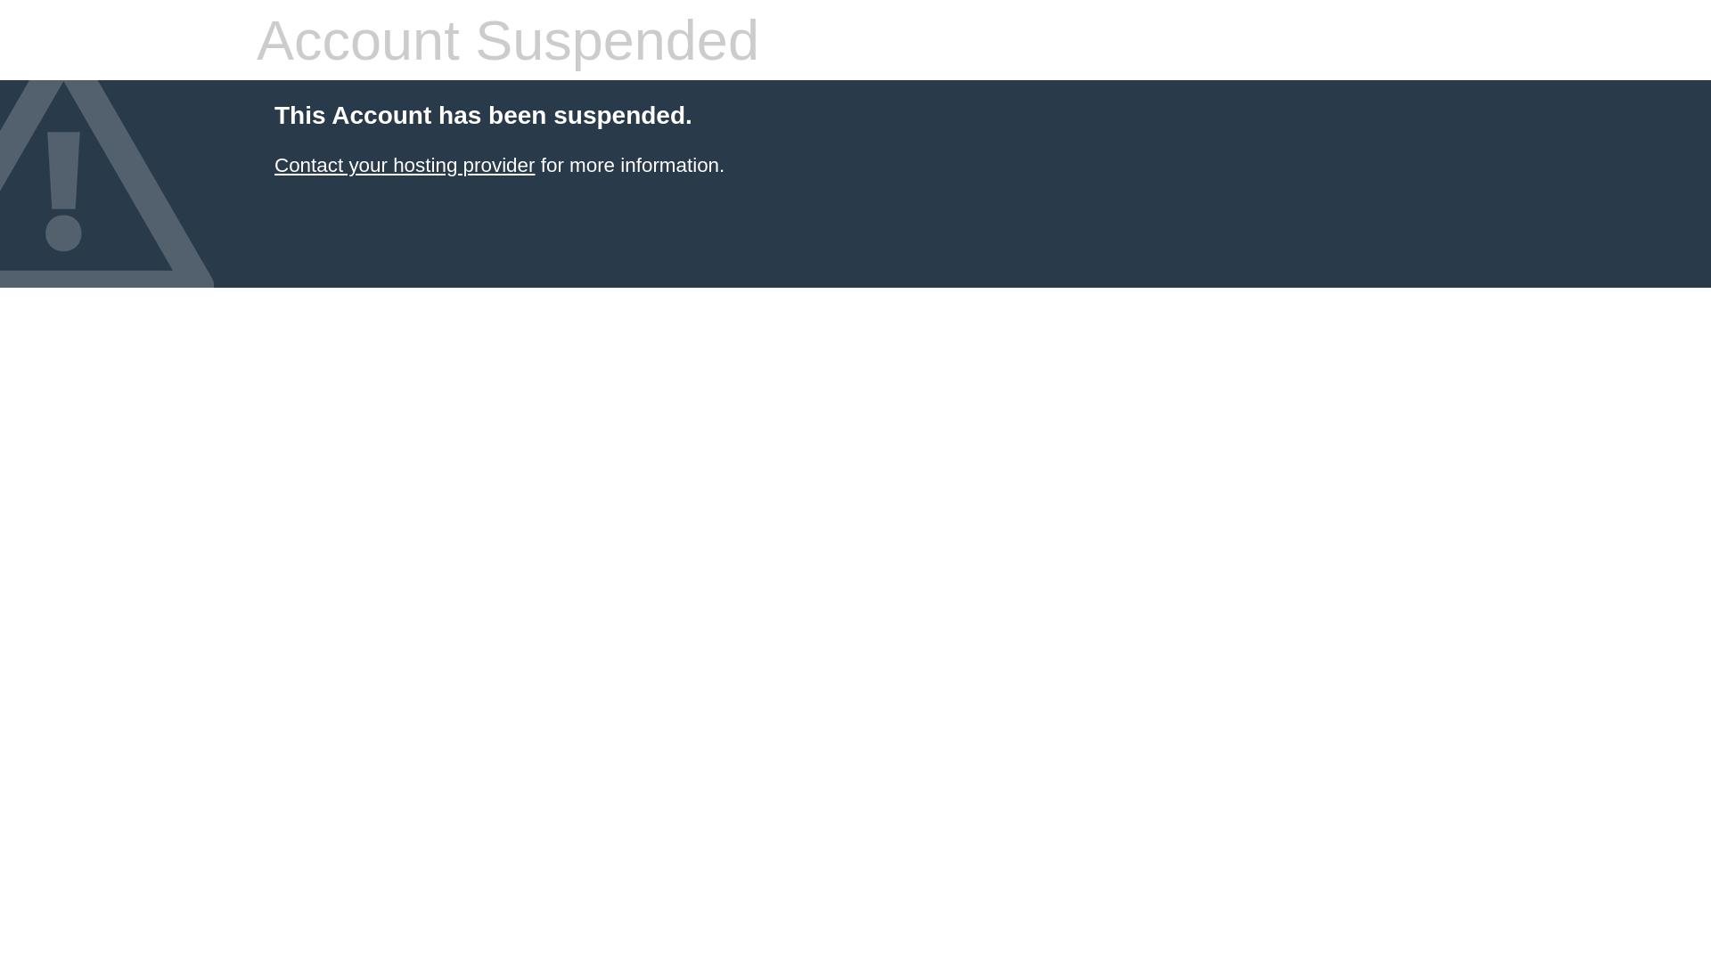 The image size is (1711, 962). Describe the element at coordinates (404, 165) in the screenshot. I see `'Contact your hosting provider'` at that location.